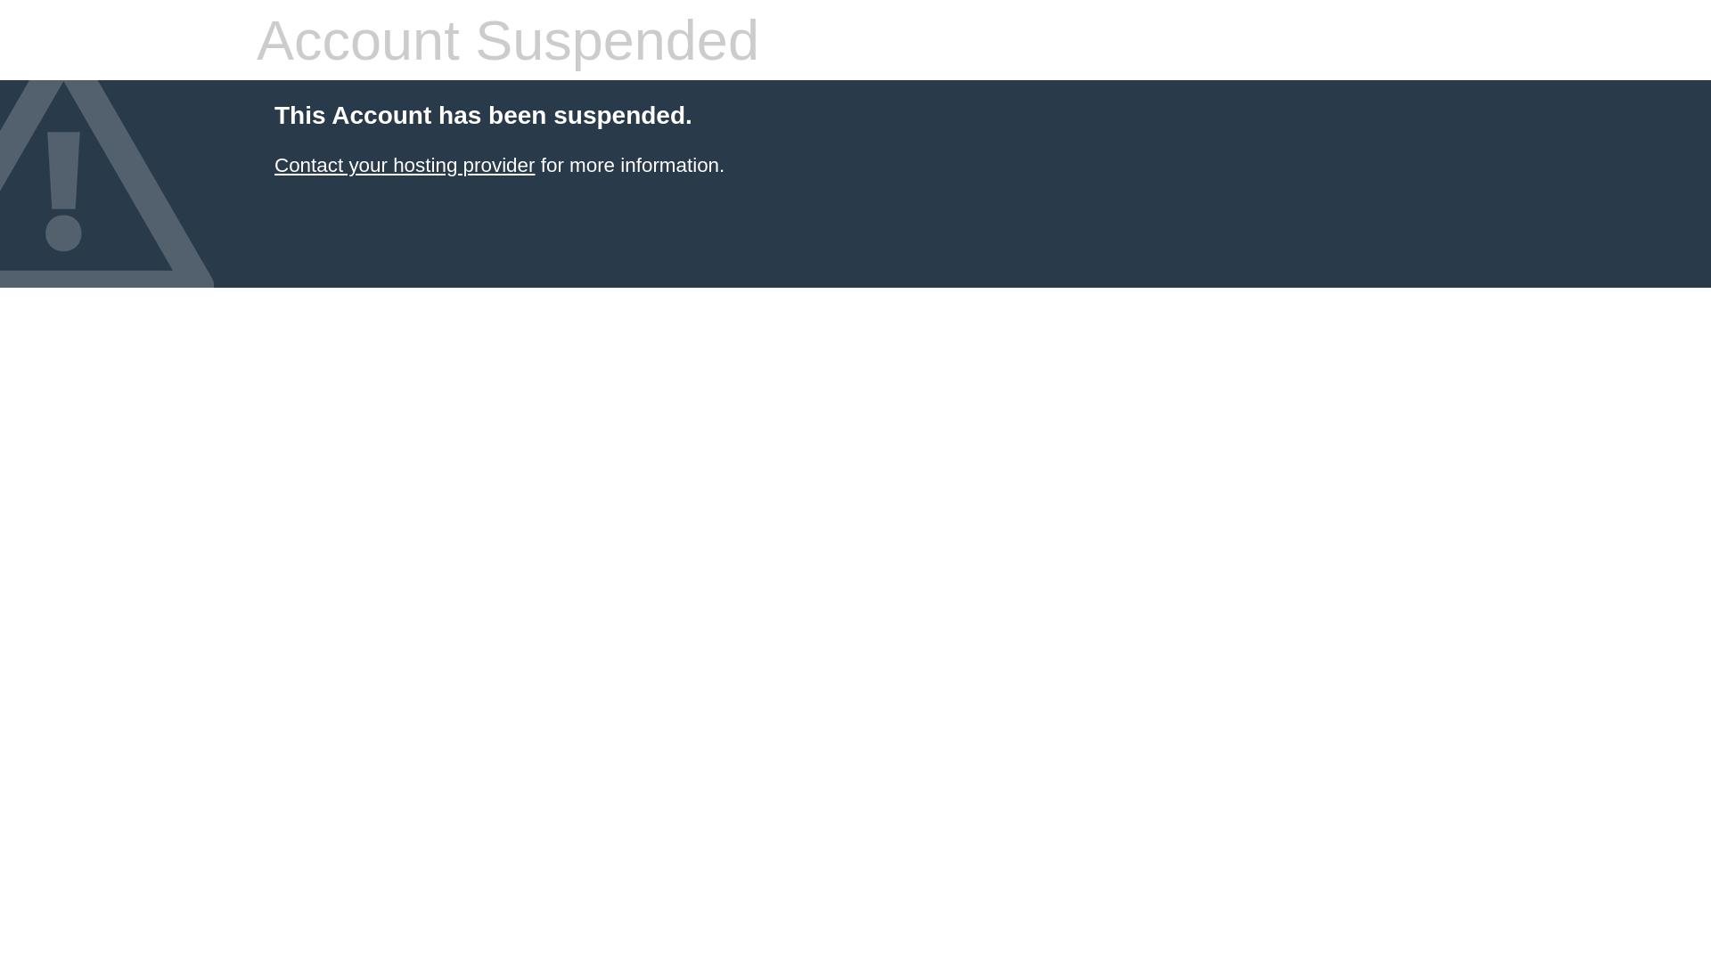 The image size is (1711, 962). Describe the element at coordinates (404, 165) in the screenshot. I see `'Contact your hosting provider'` at that location.